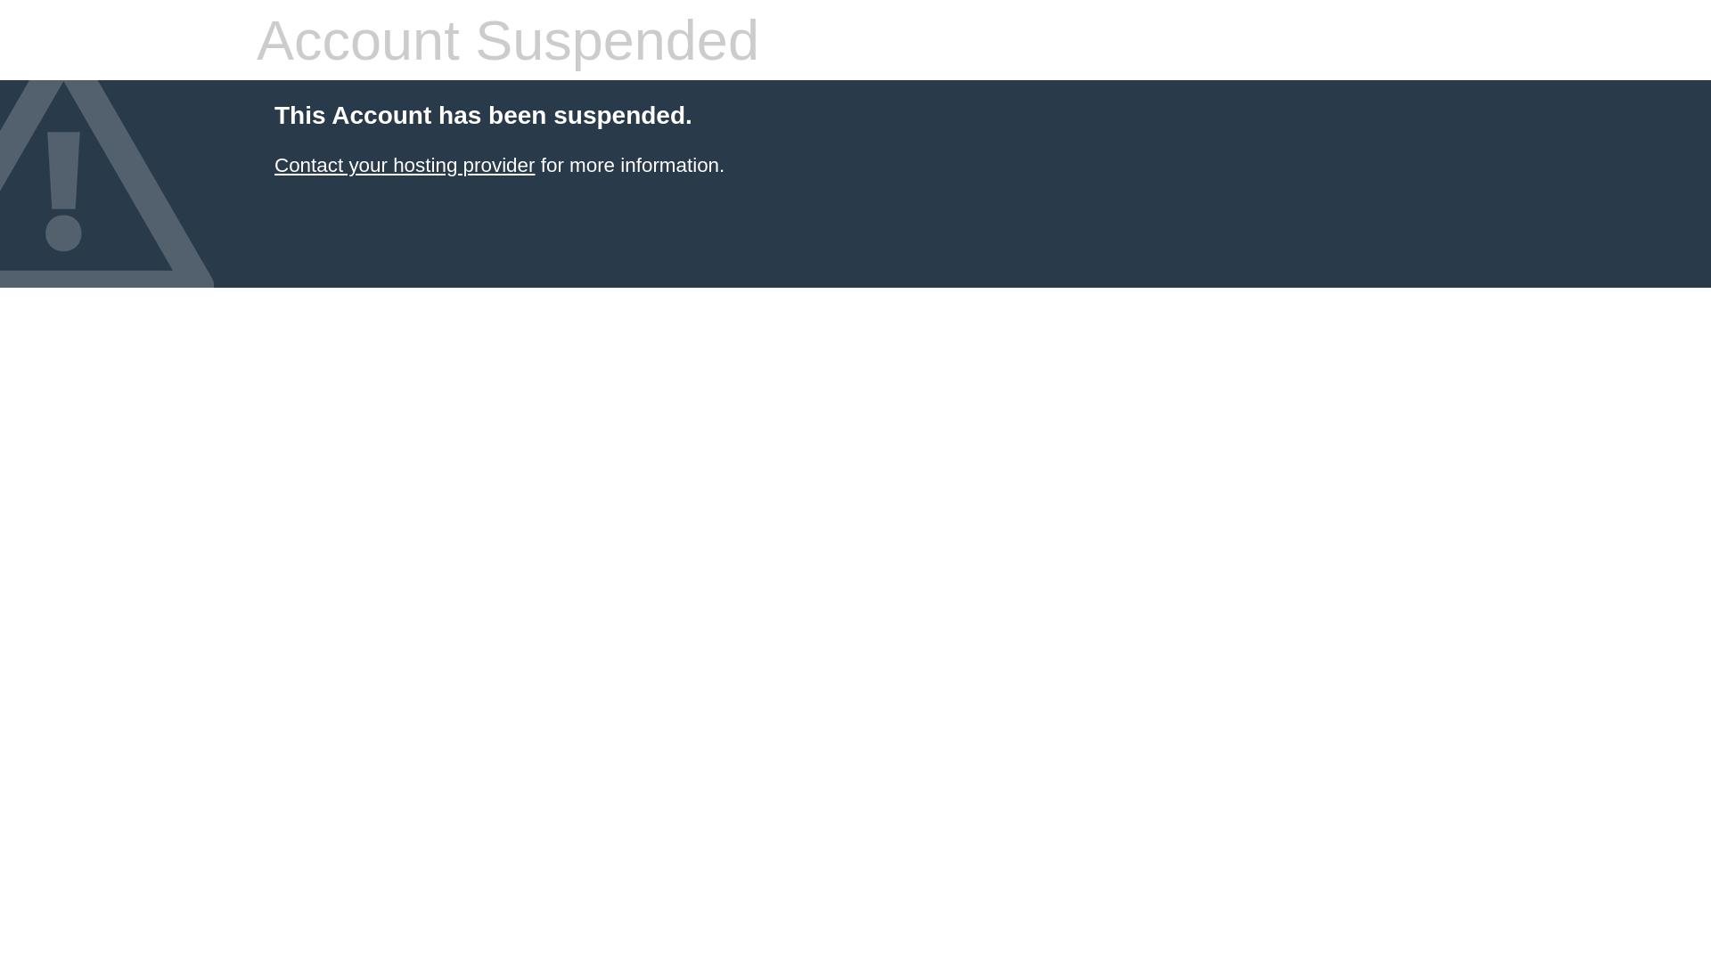 The image size is (1711, 962). Describe the element at coordinates (404, 165) in the screenshot. I see `'Contact your hosting provider'` at that location.